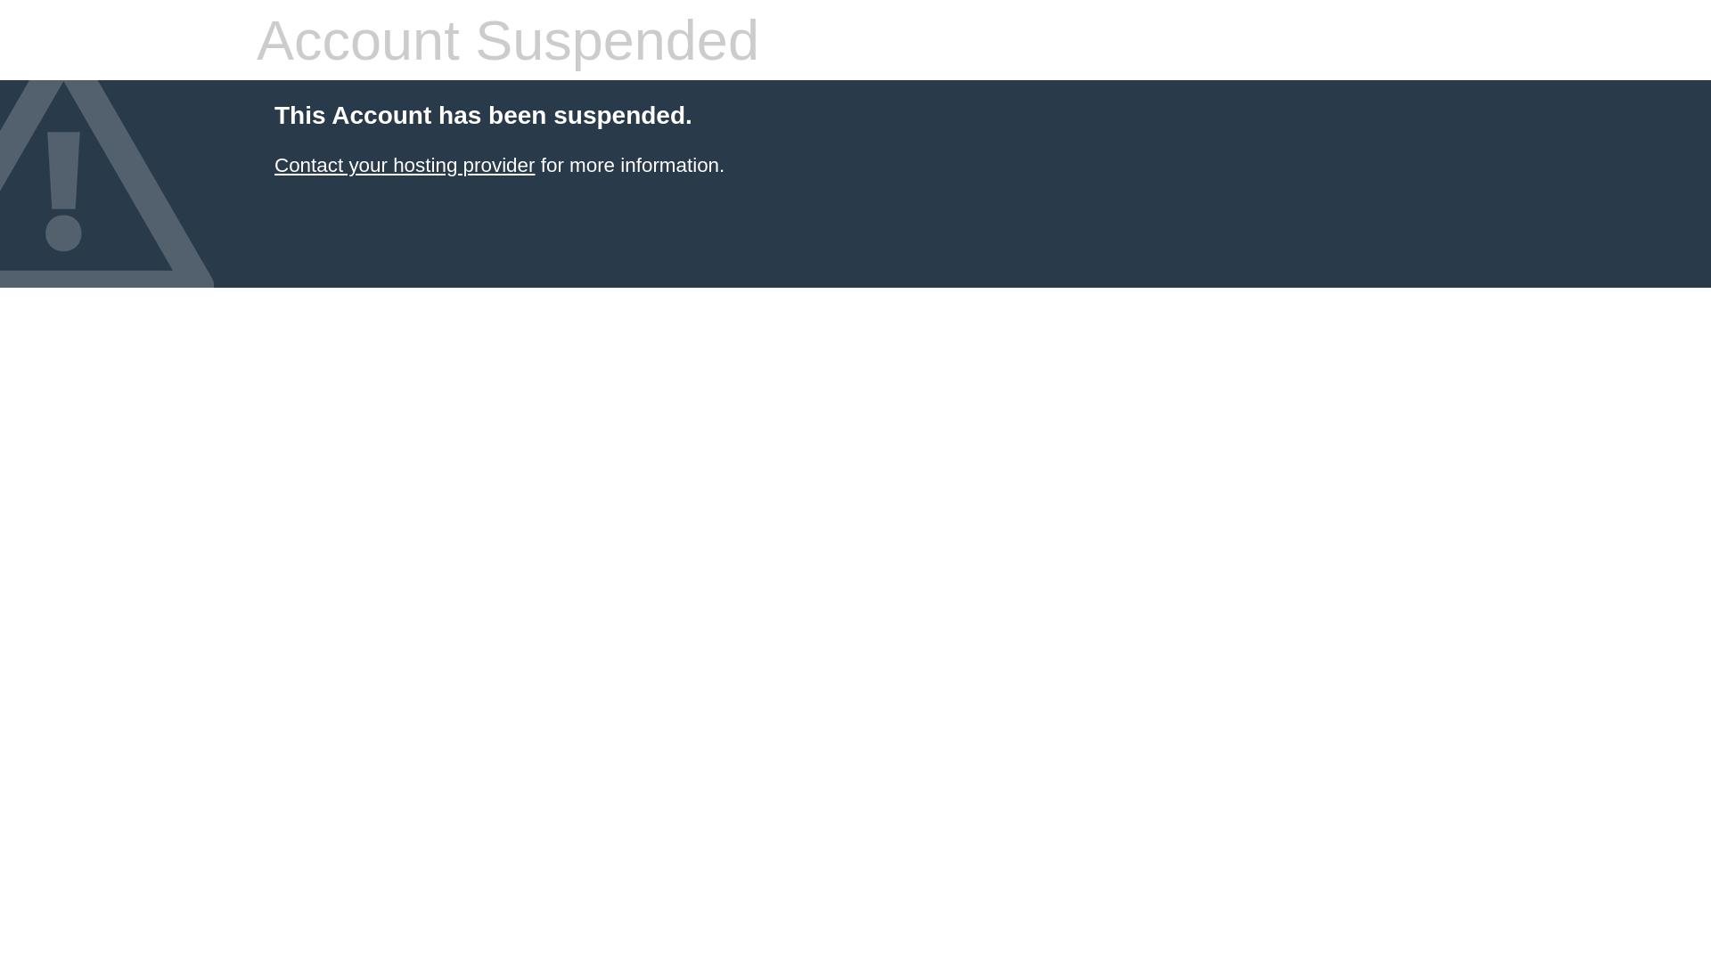 The image size is (1711, 962). Describe the element at coordinates (404, 165) in the screenshot. I see `'Contact your hosting provider'` at that location.